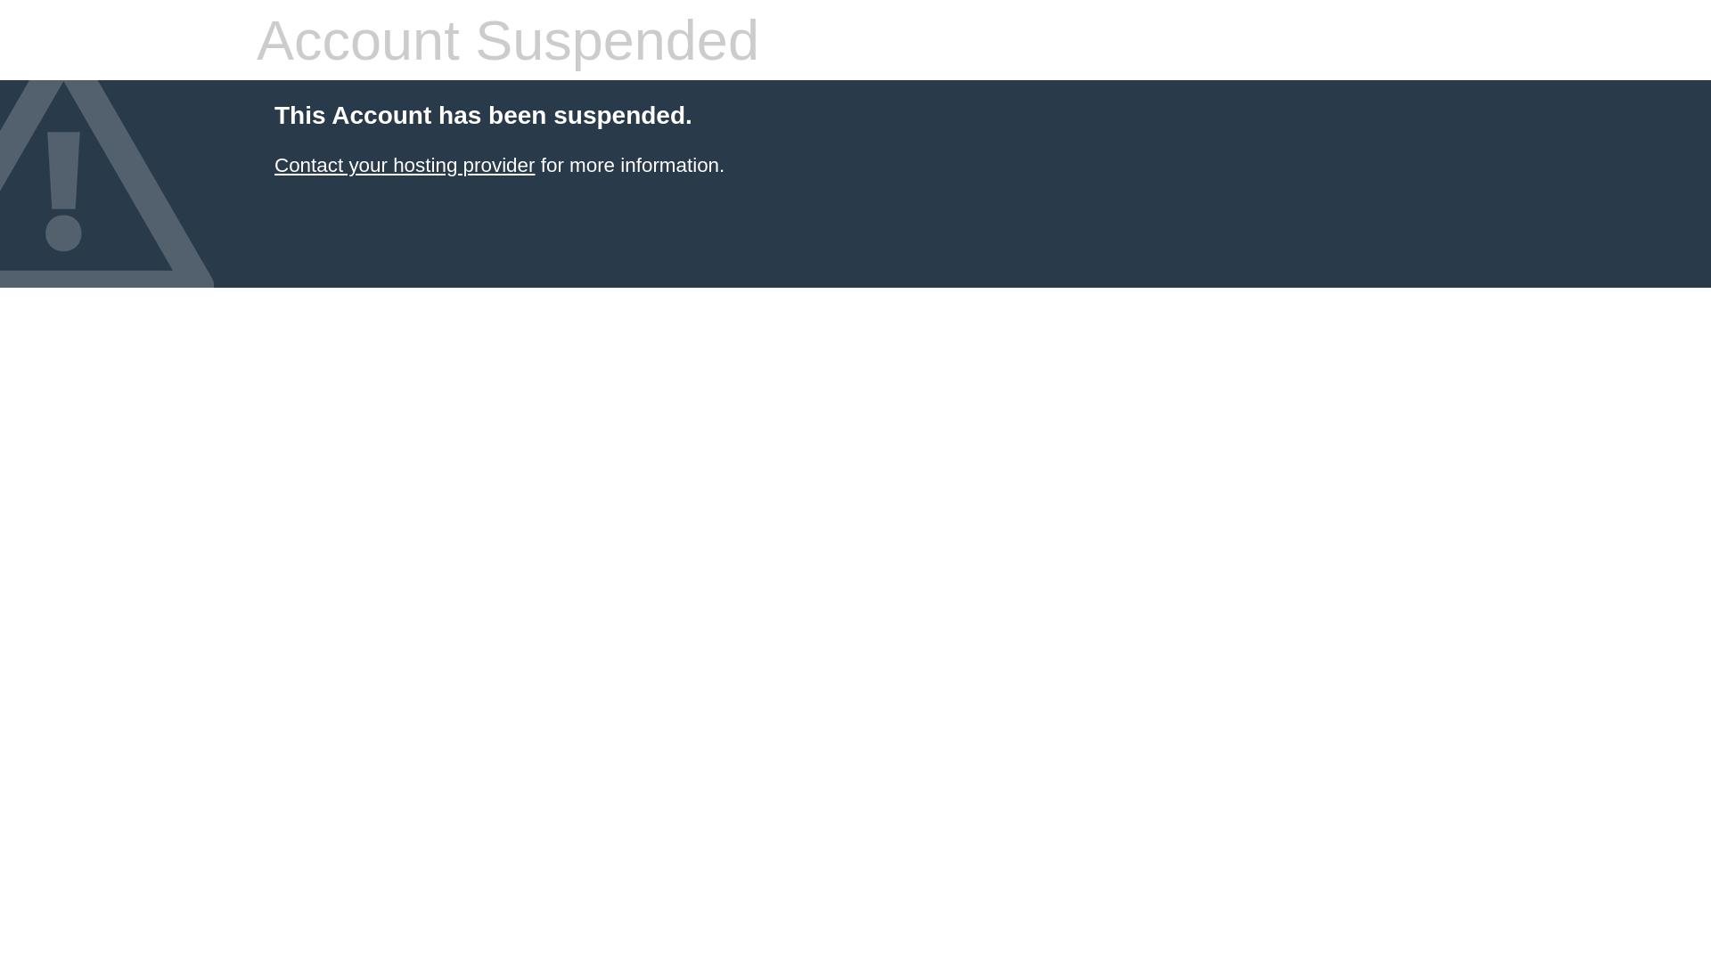 The image size is (1711, 962). Describe the element at coordinates (404, 165) in the screenshot. I see `'Contact your hosting provider'` at that location.